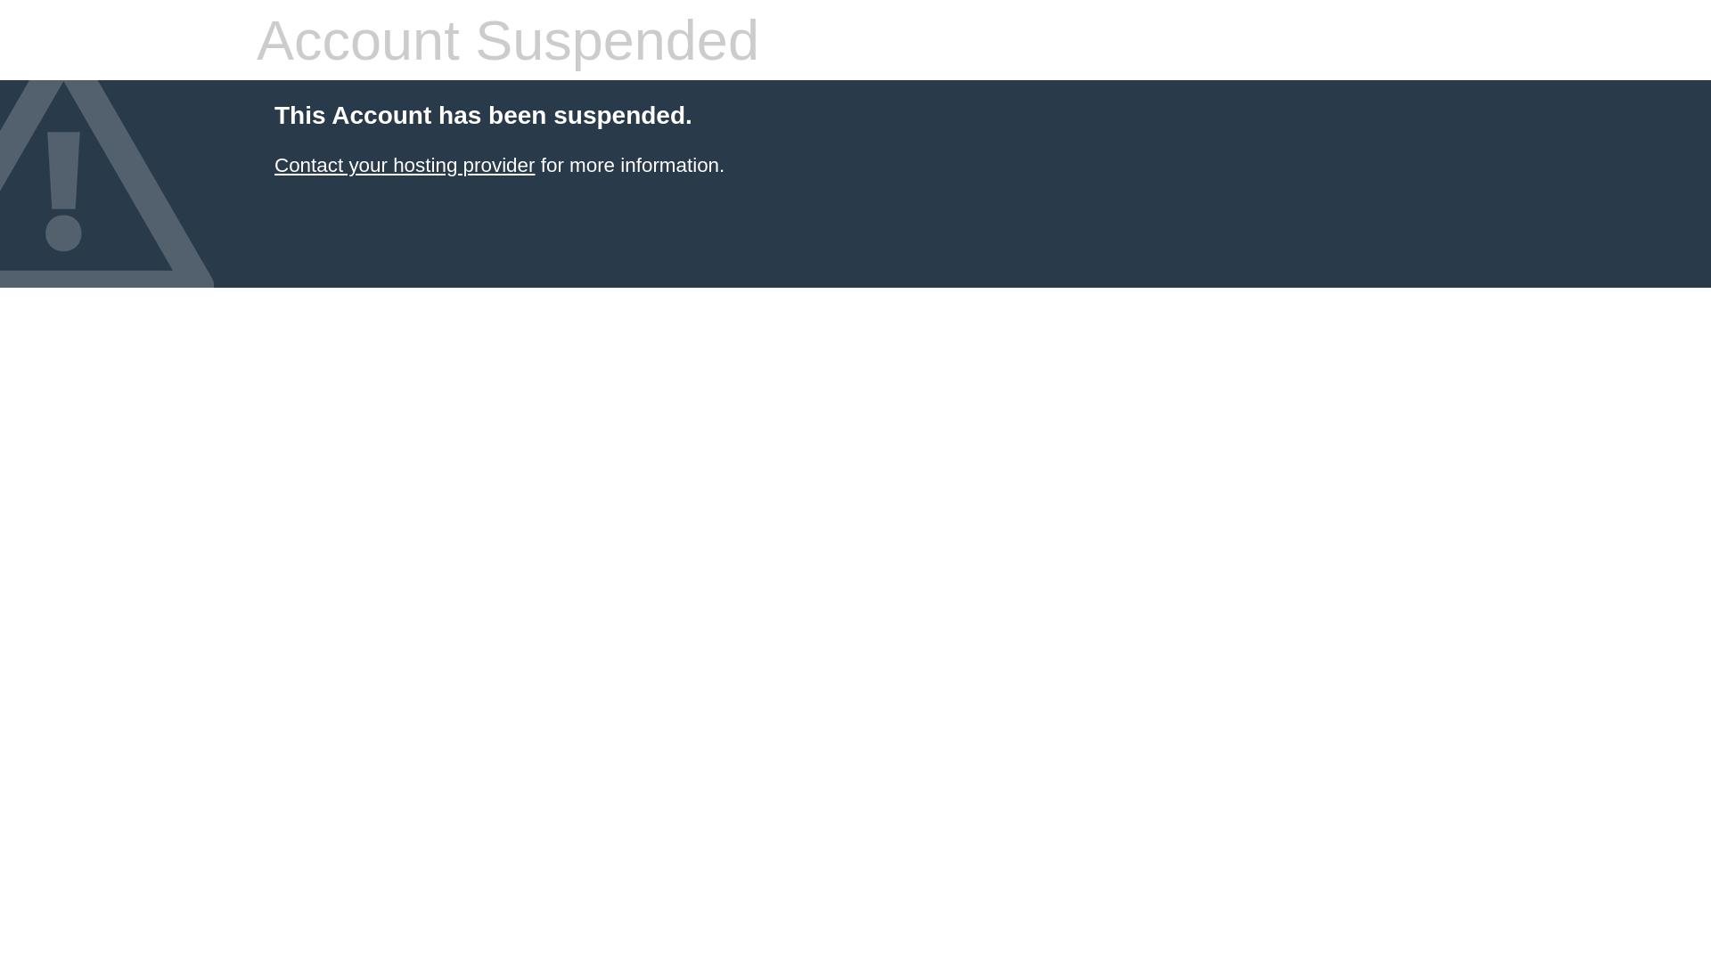 The image size is (1711, 962). Describe the element at coordinates (404, 165) in the screenshot. I see `'Contact your hosting provider'` at that location.